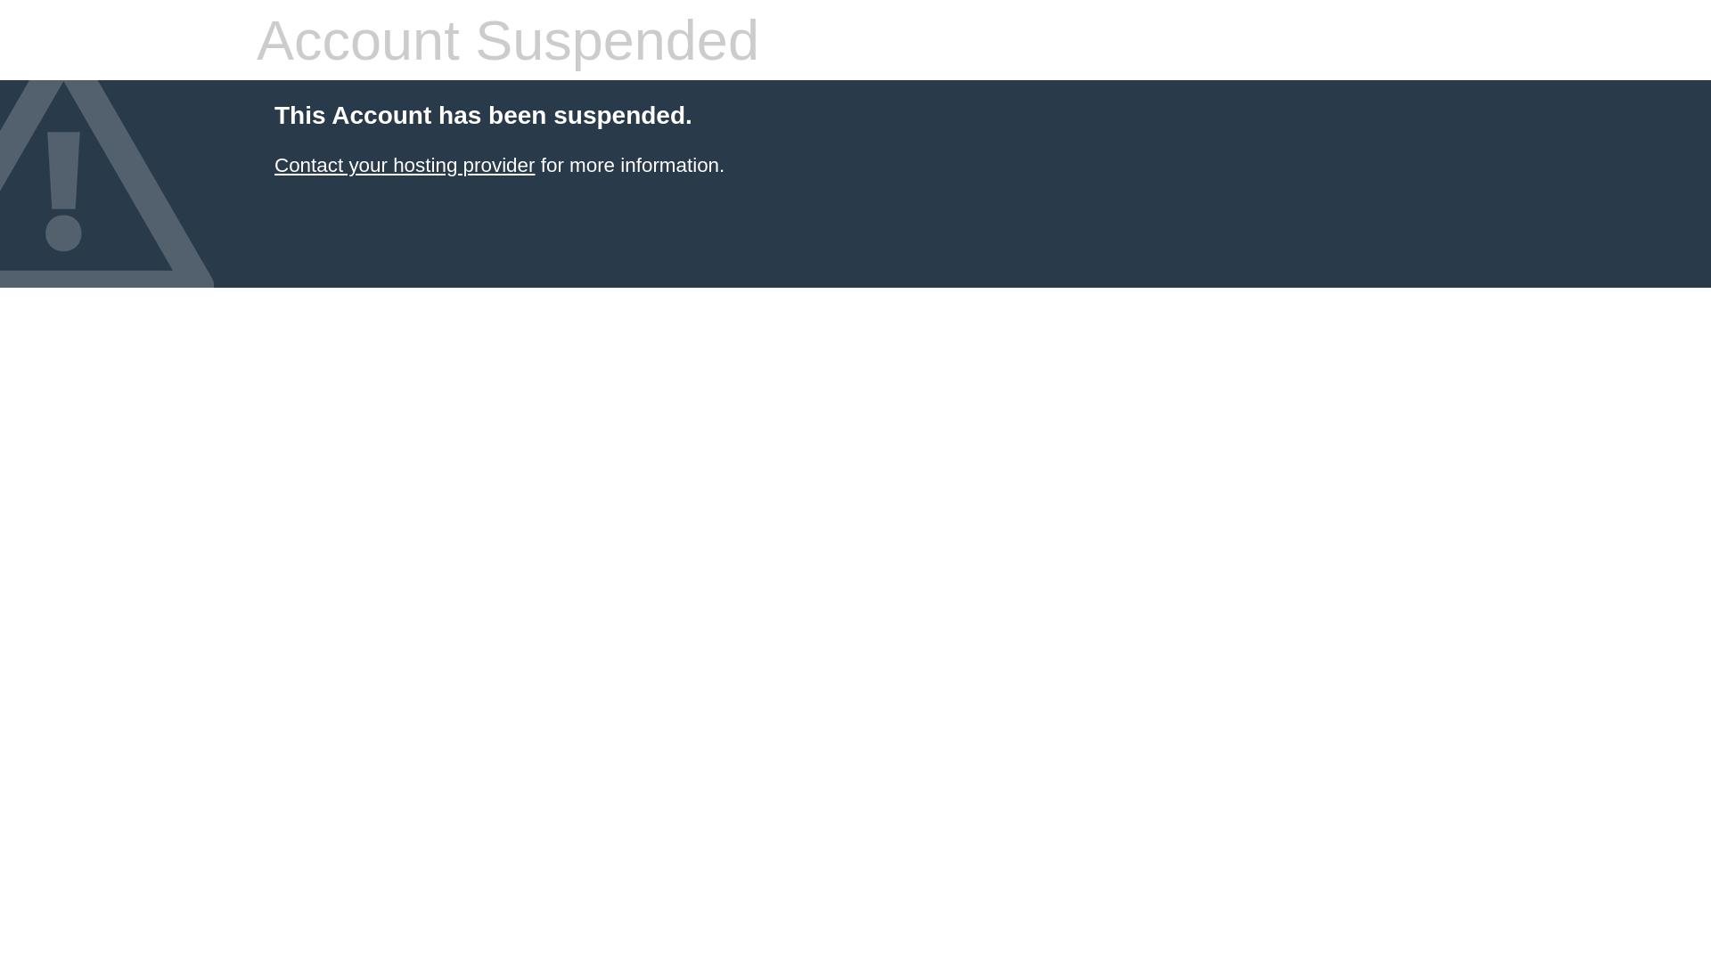 The image size is (1711, 962). Describe the element at coordinates (404, 165) in the screenshot. I see `'Contact your hosting provider'` at that location.